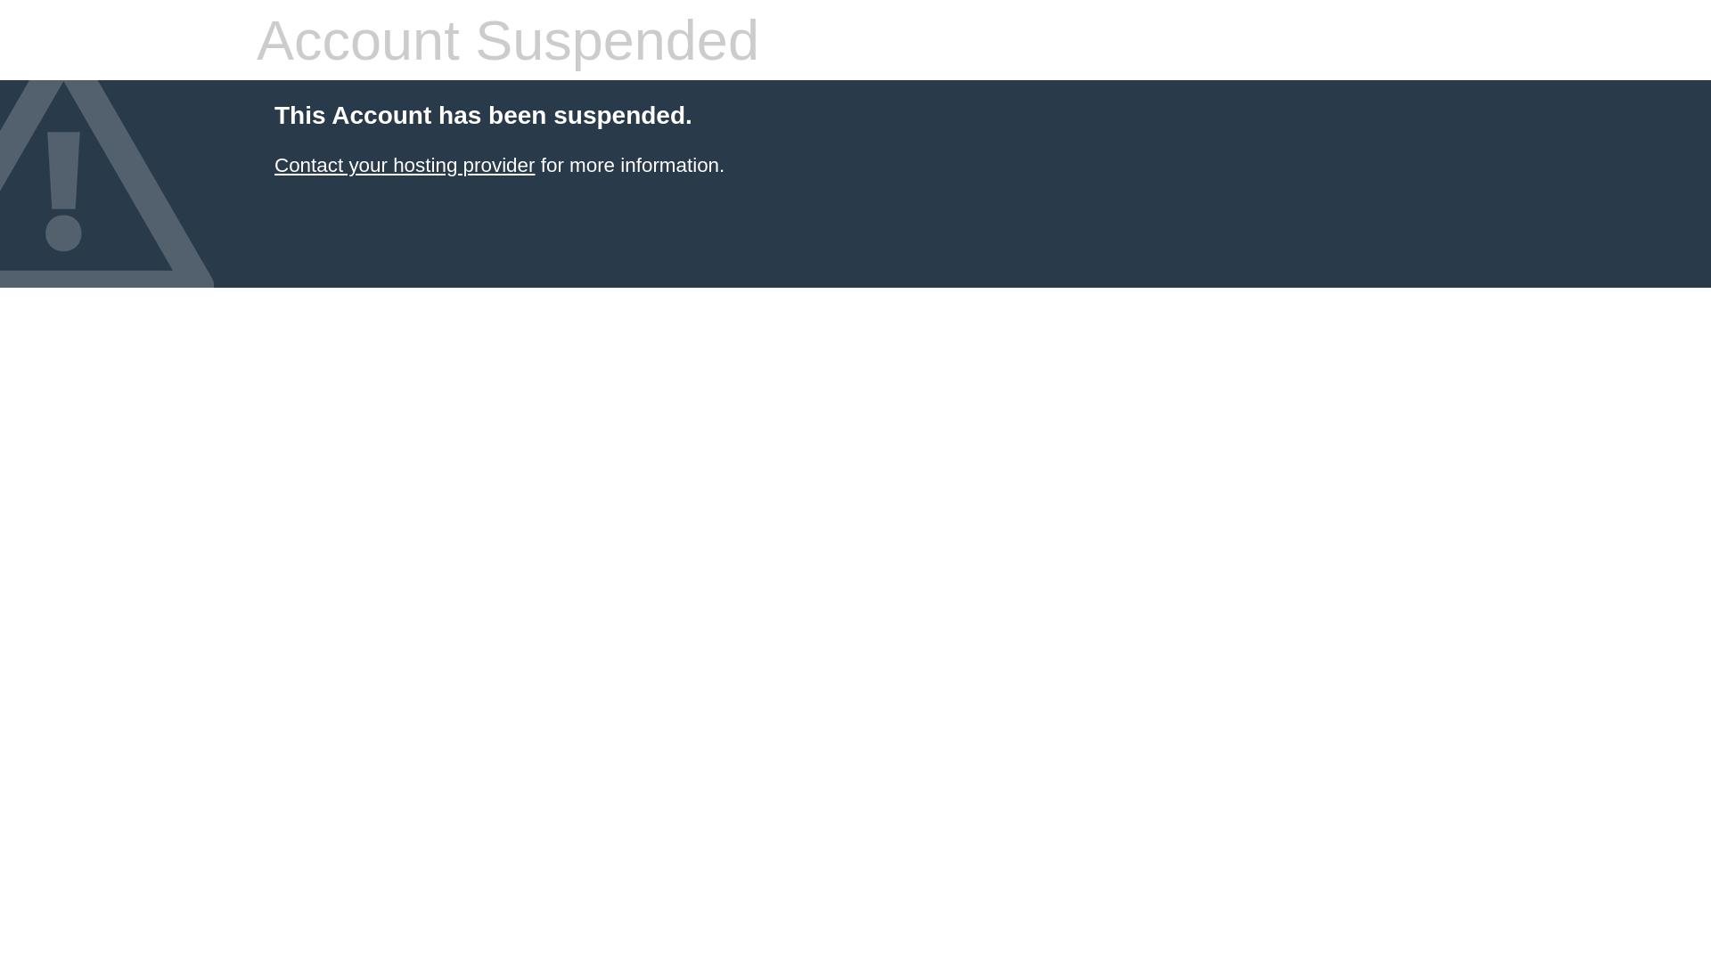 The image size is (1711, 962). Describe the element at coordinates (404, 165) in the screenshot. I see `'Contact your hosting provider'` at that location.